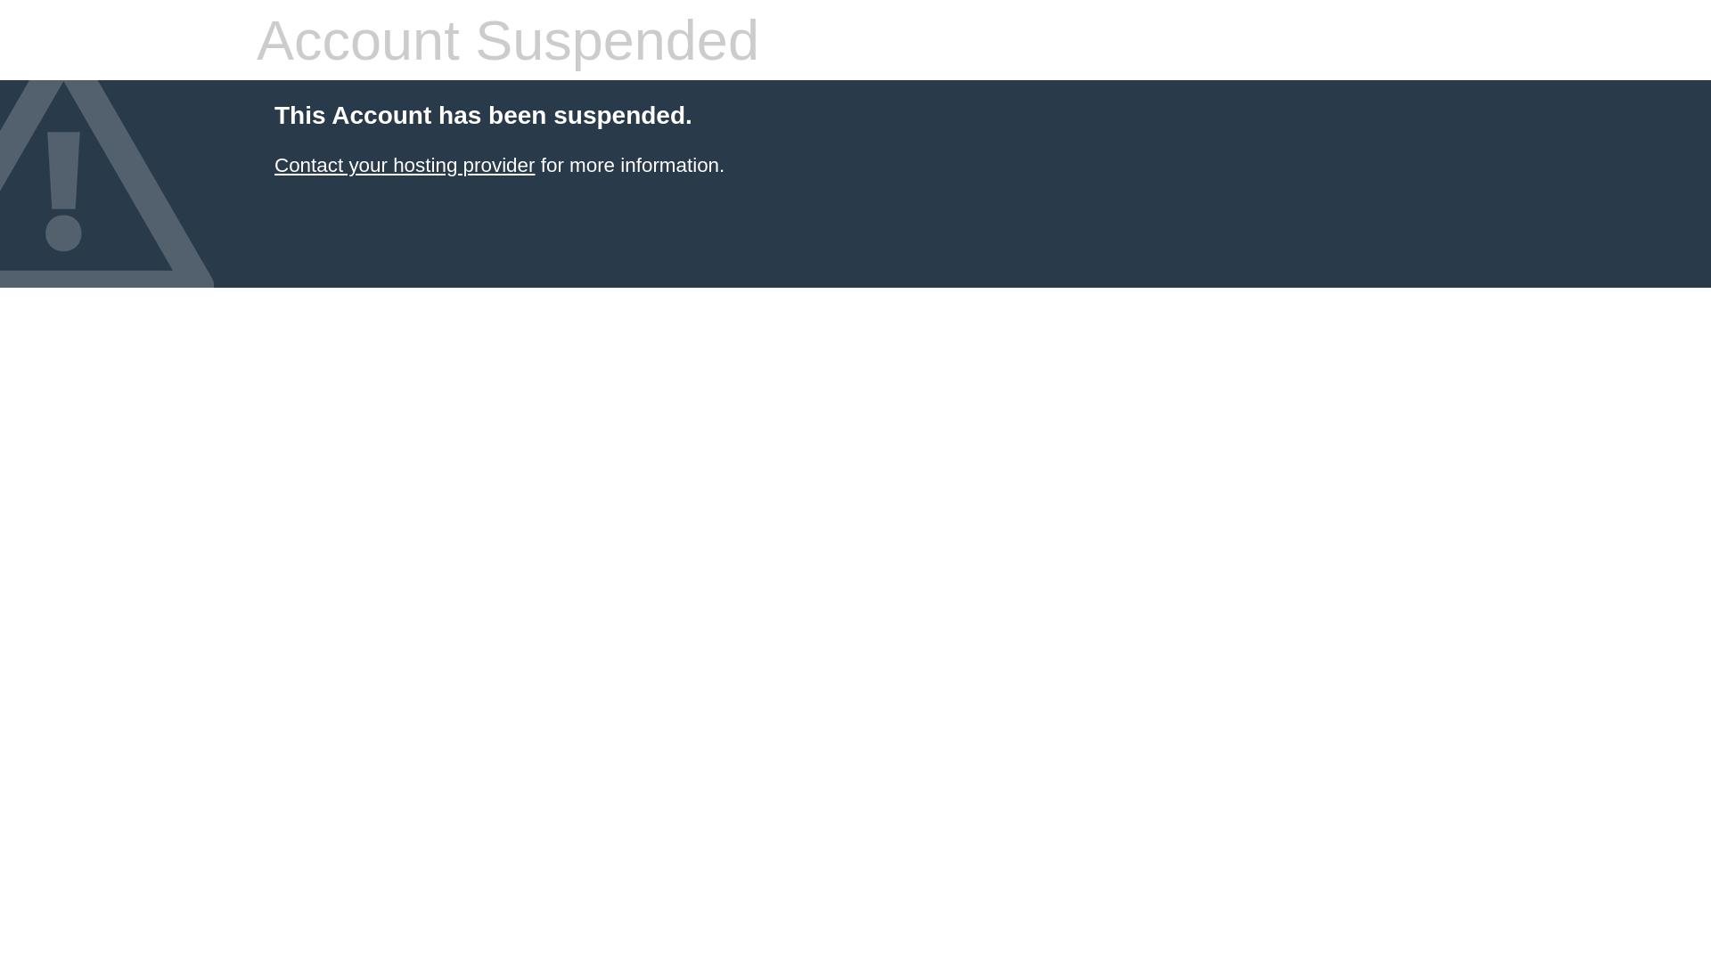 The image size is (1711, 962). Describe the element at coordinates (404, 165) in the screenshot. I see `'Contact your hosting provider'` at that location.